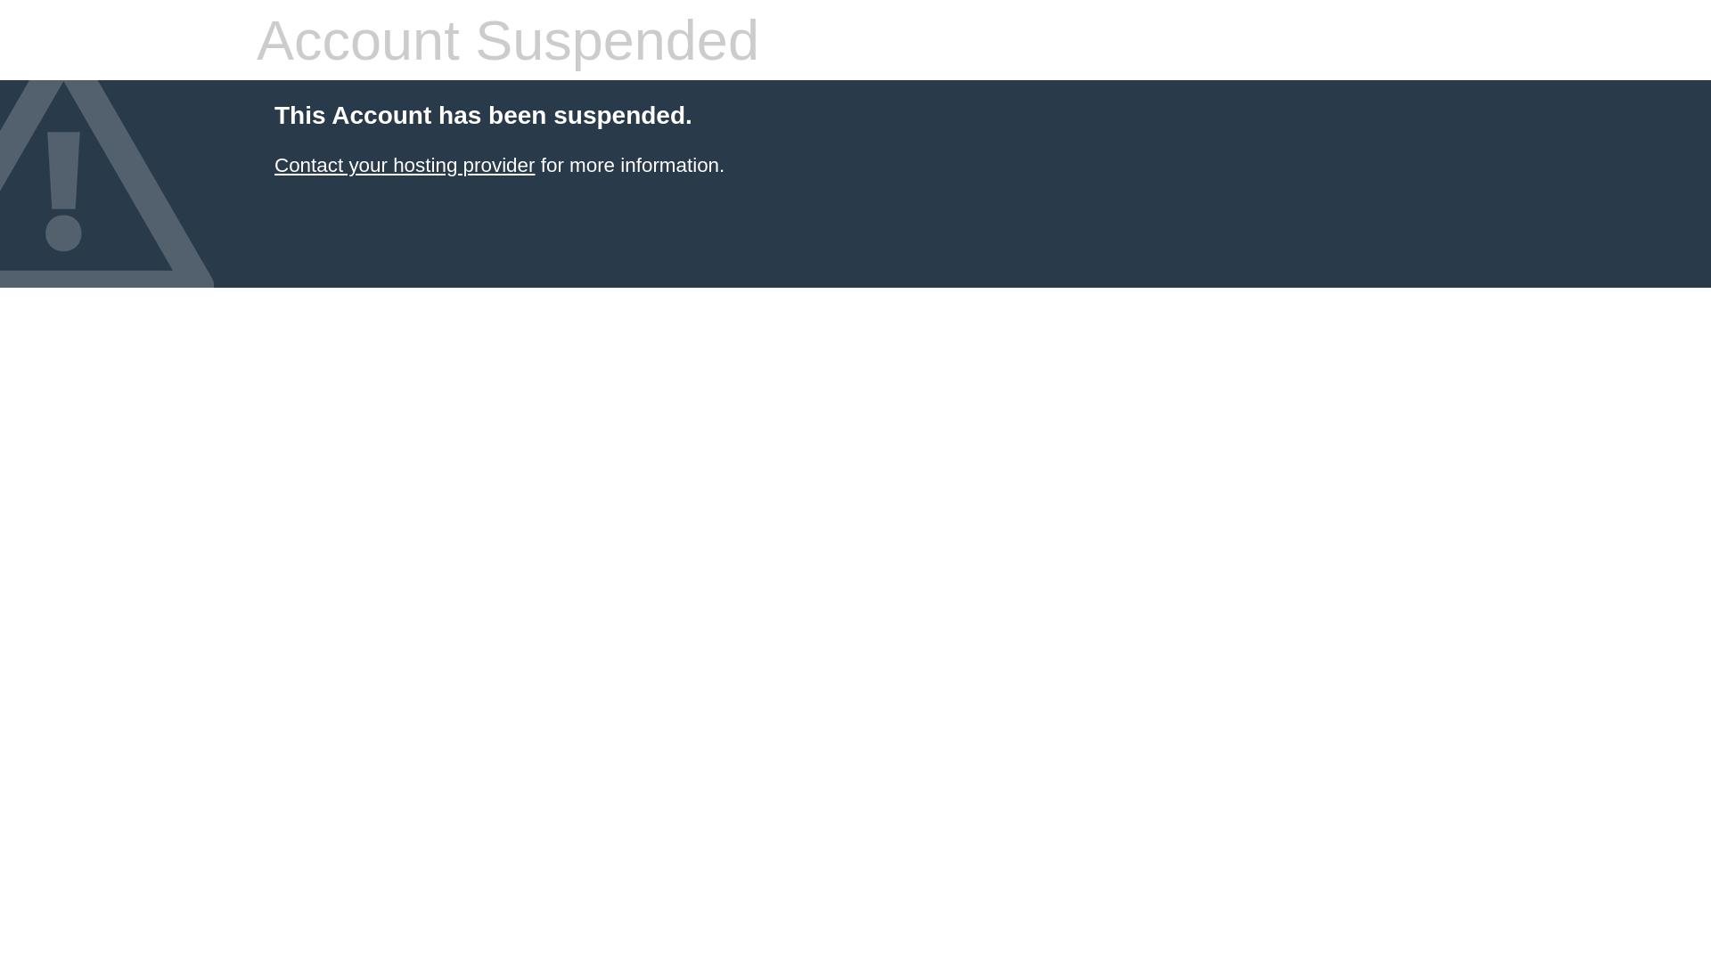 The image size is (1711, 962). Describe the element at coordinates (404, 165) in the screenshot. I see `'Contact your hosting provider'` at that location.